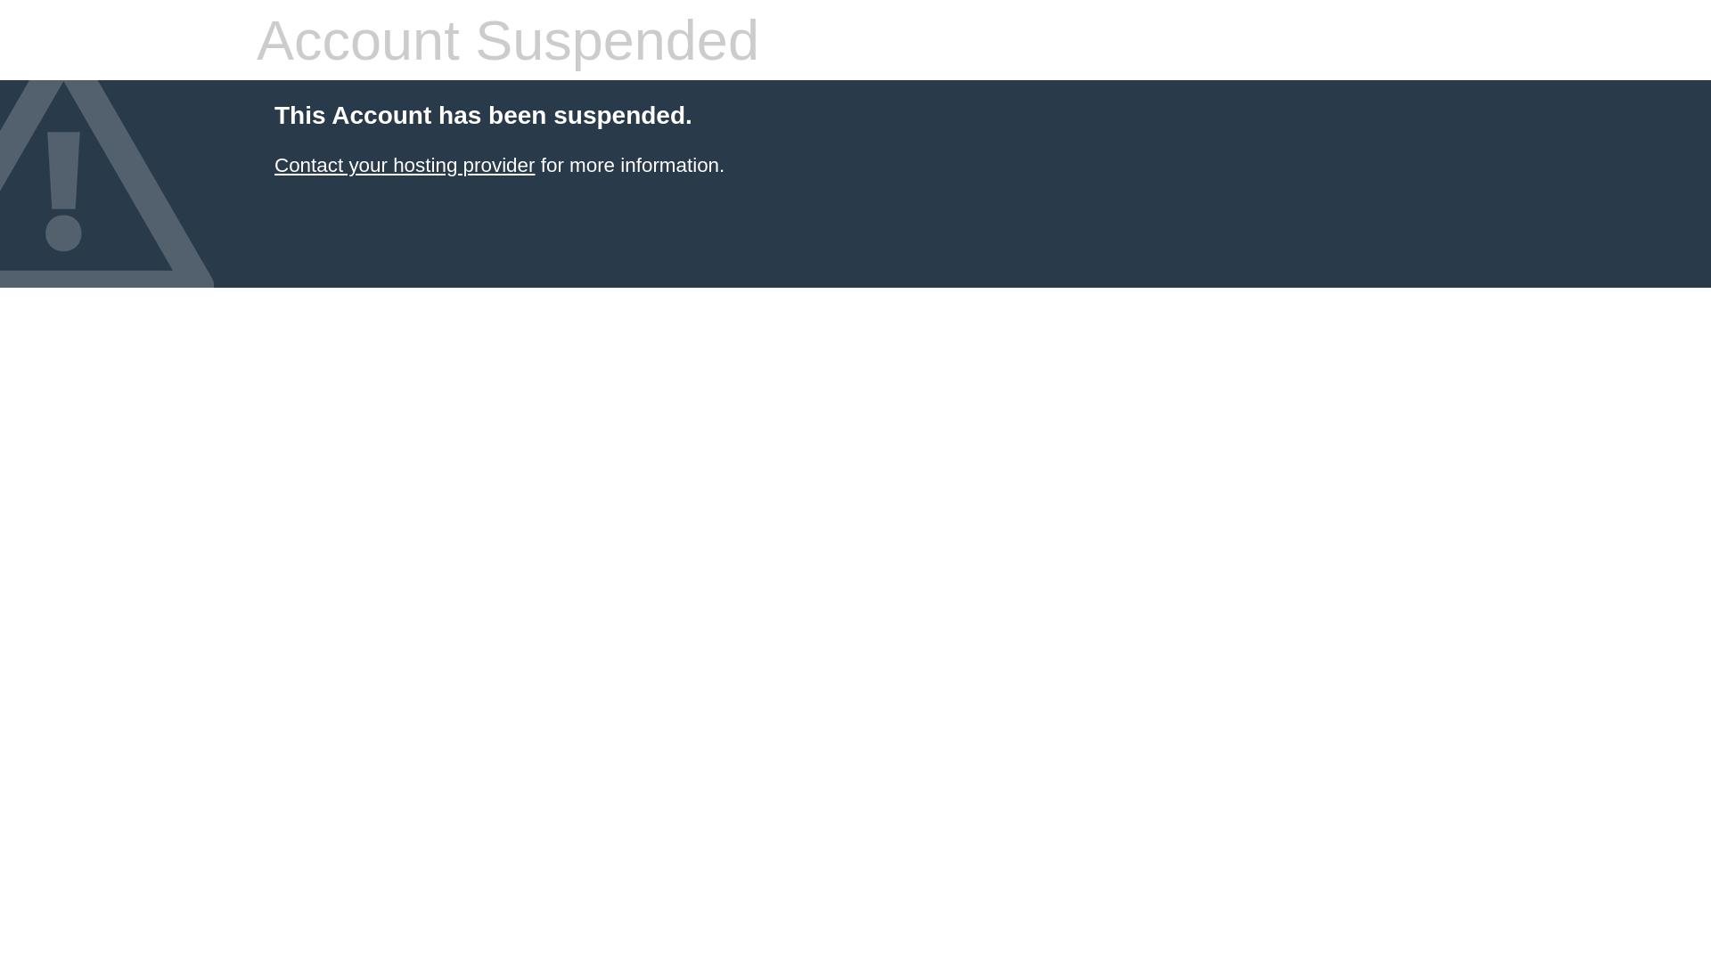 The image size is (1711, 962). Describe the element at coordinates (404, 165) in the screenshot. I see `'Contact your hosting provider'` at that location.